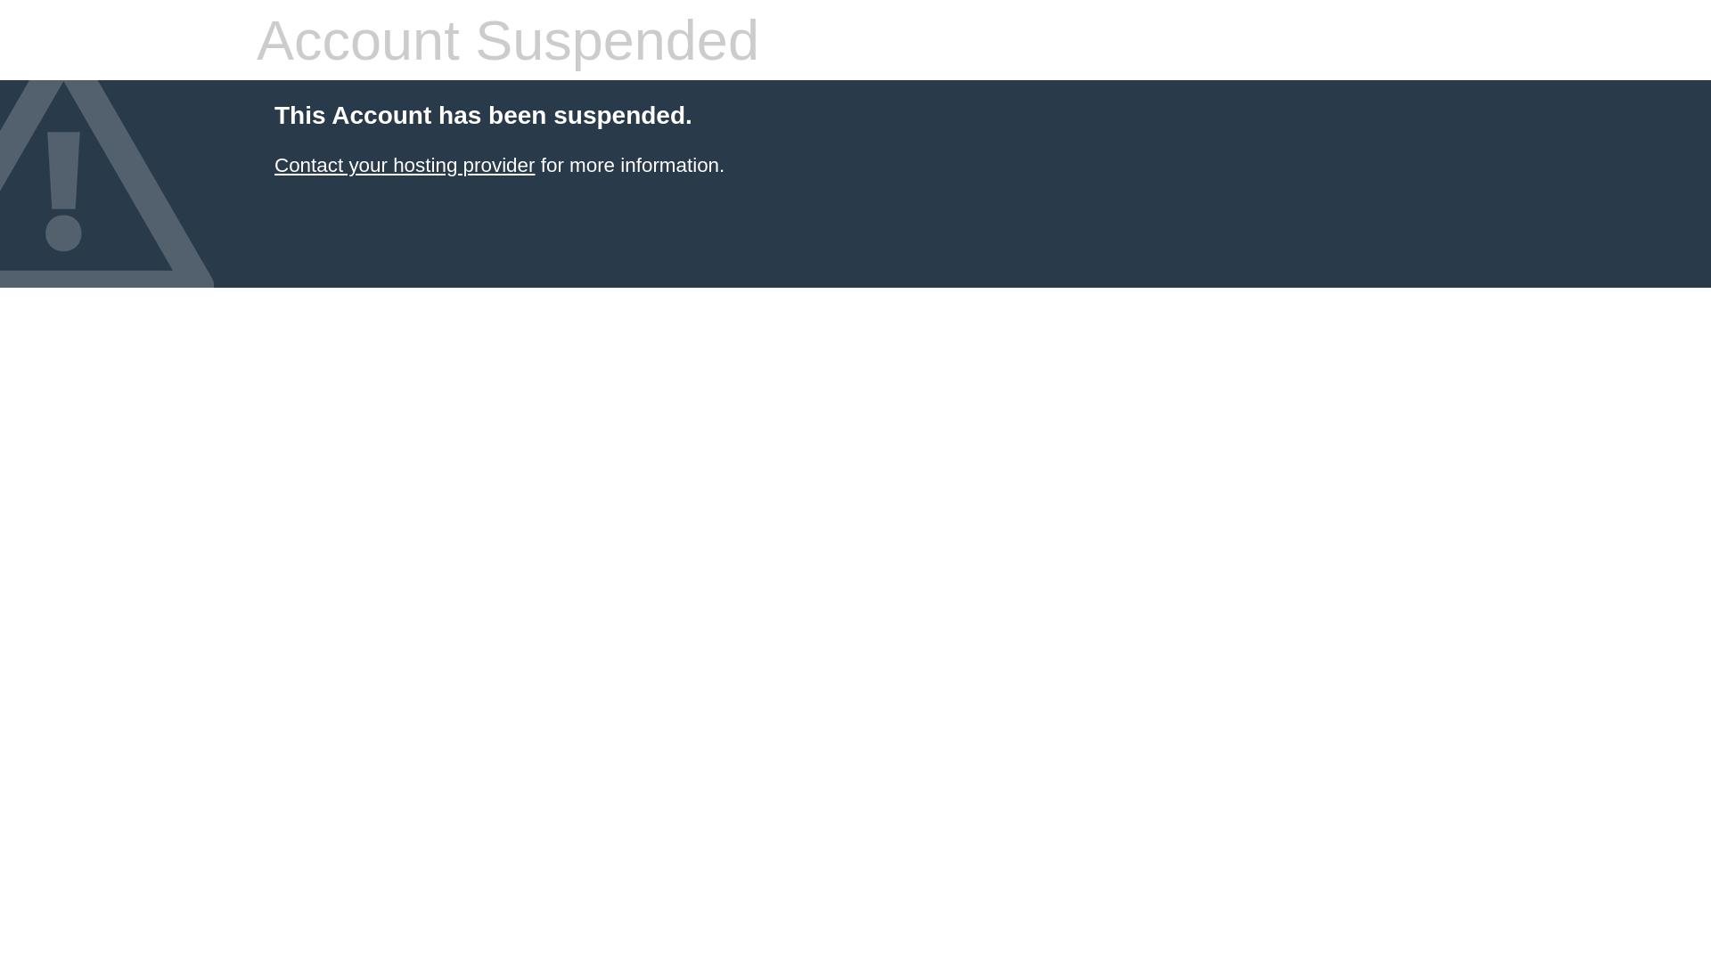 The image size is (1711, 962). Describe the element at coordinates (404, 165) in the screenshot. I see `'Contact your hosting provider'` at that location.